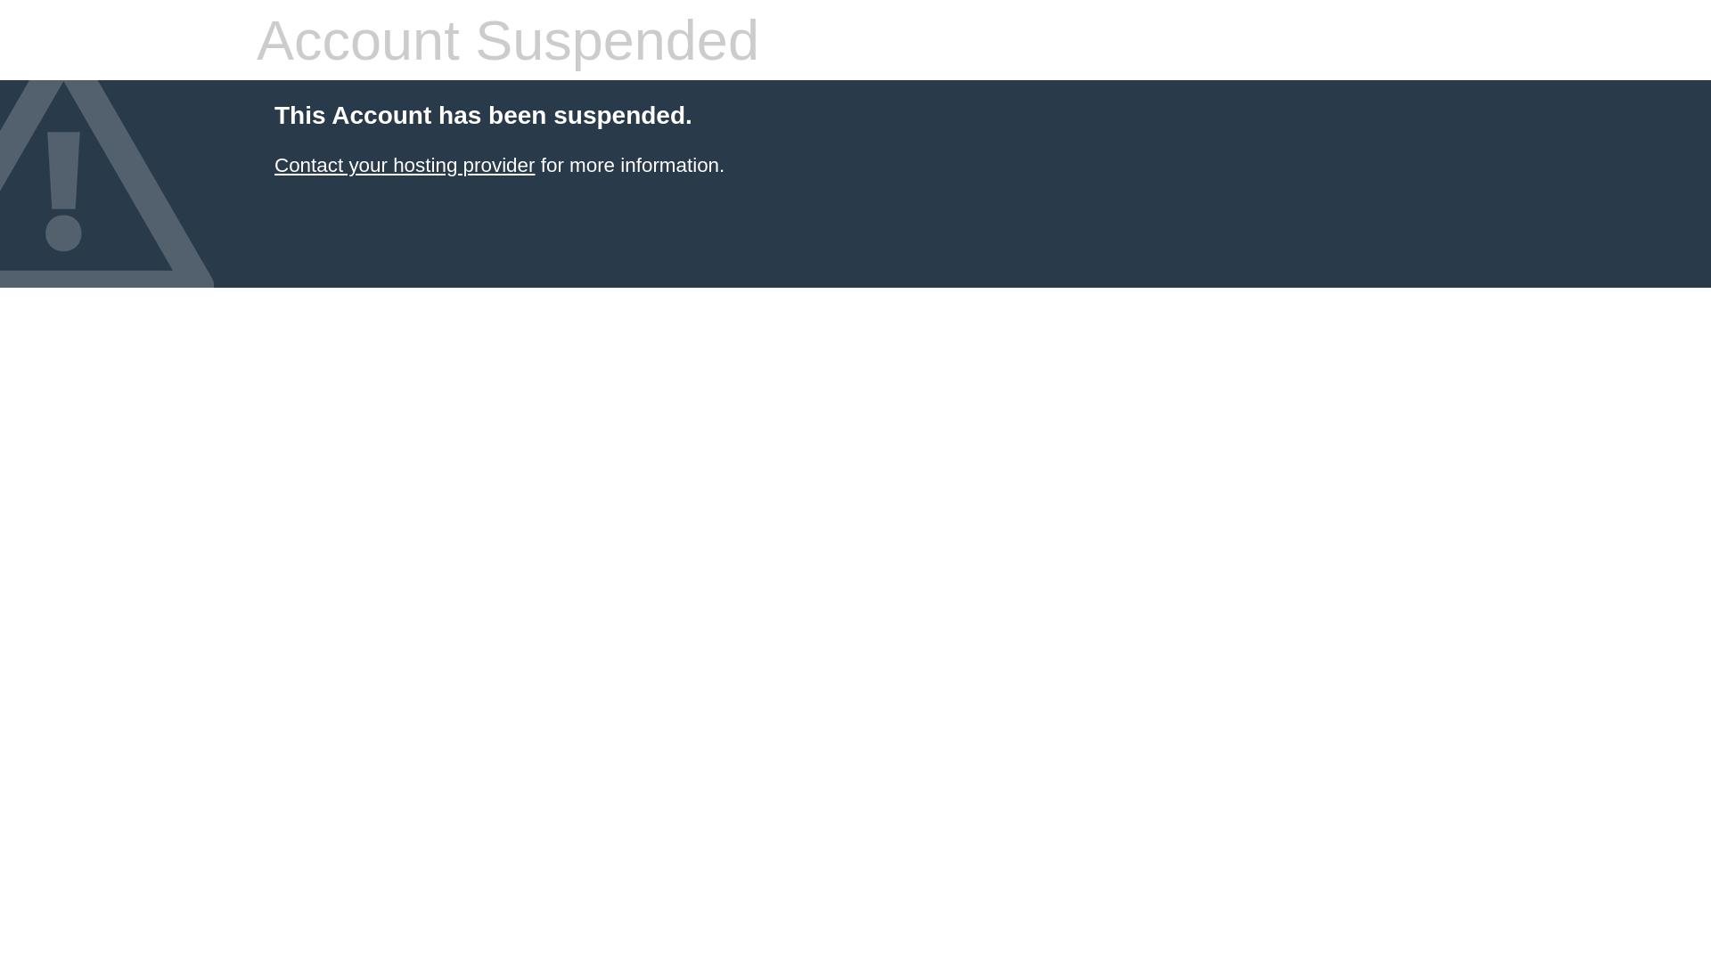 The image size is (1711, 962). Describe the element at coordinates (404, 165) in the screenshot. I see `'Contact your hosting provider'` at that location.